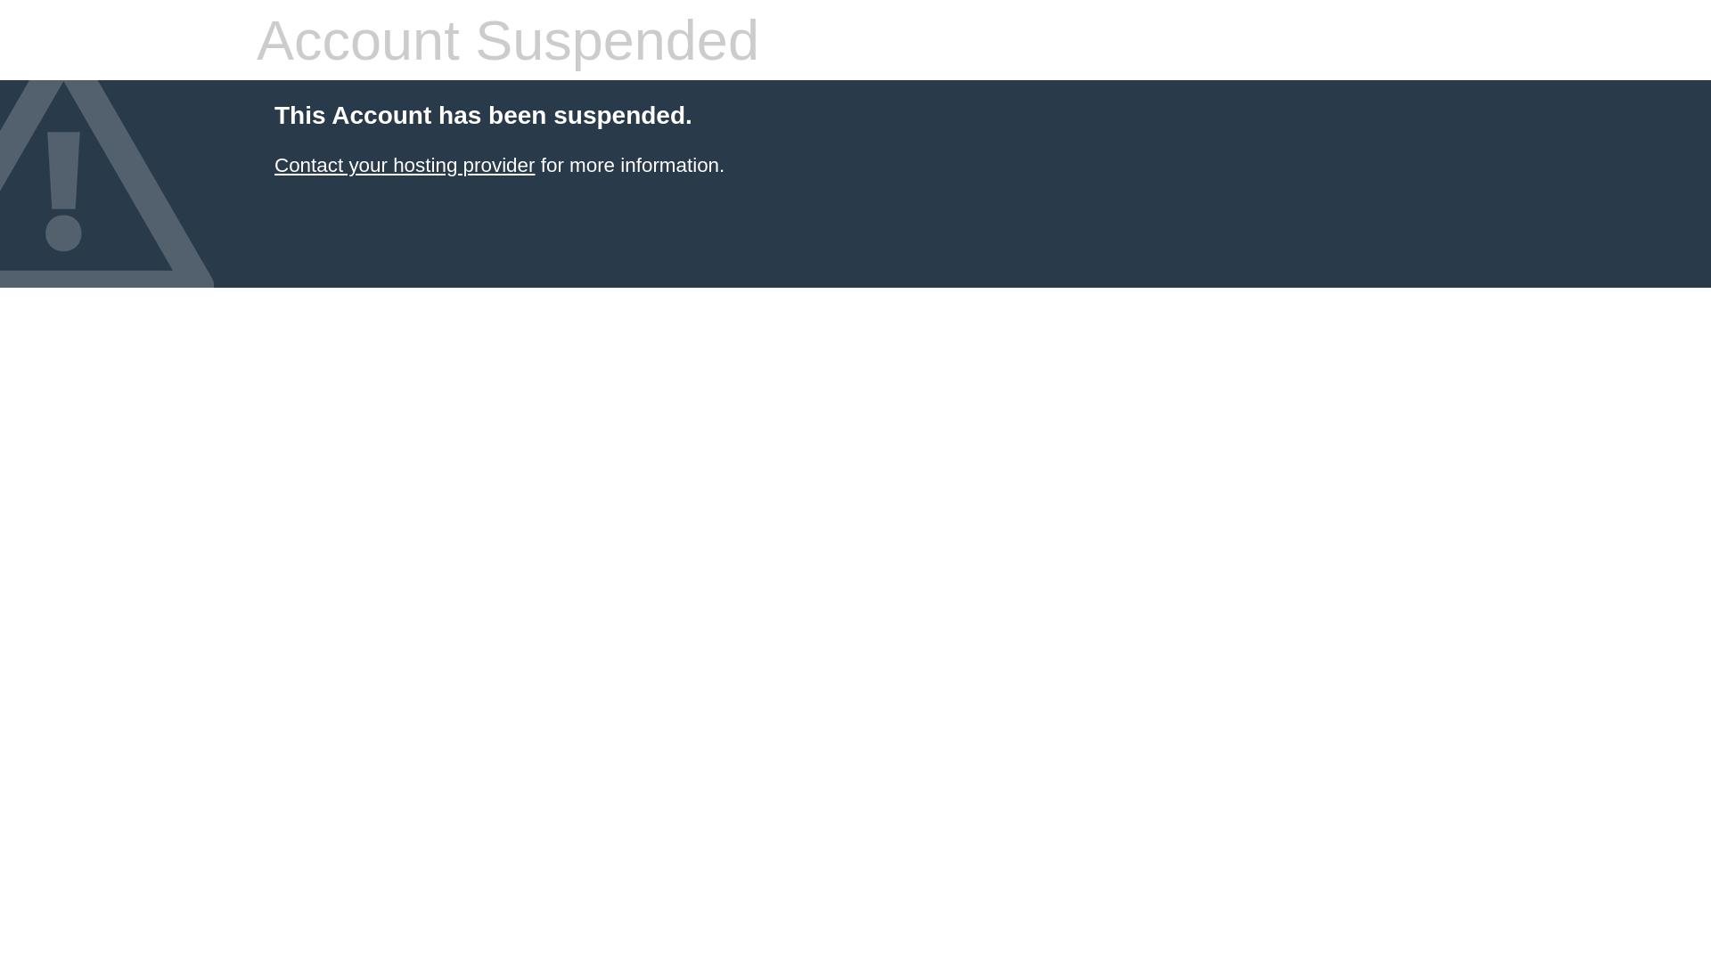 The image size is (1711, 962). Describe the element at coordinates (404, 165) in the screenshot. I see `'Contact your hosting provider'` at that location.